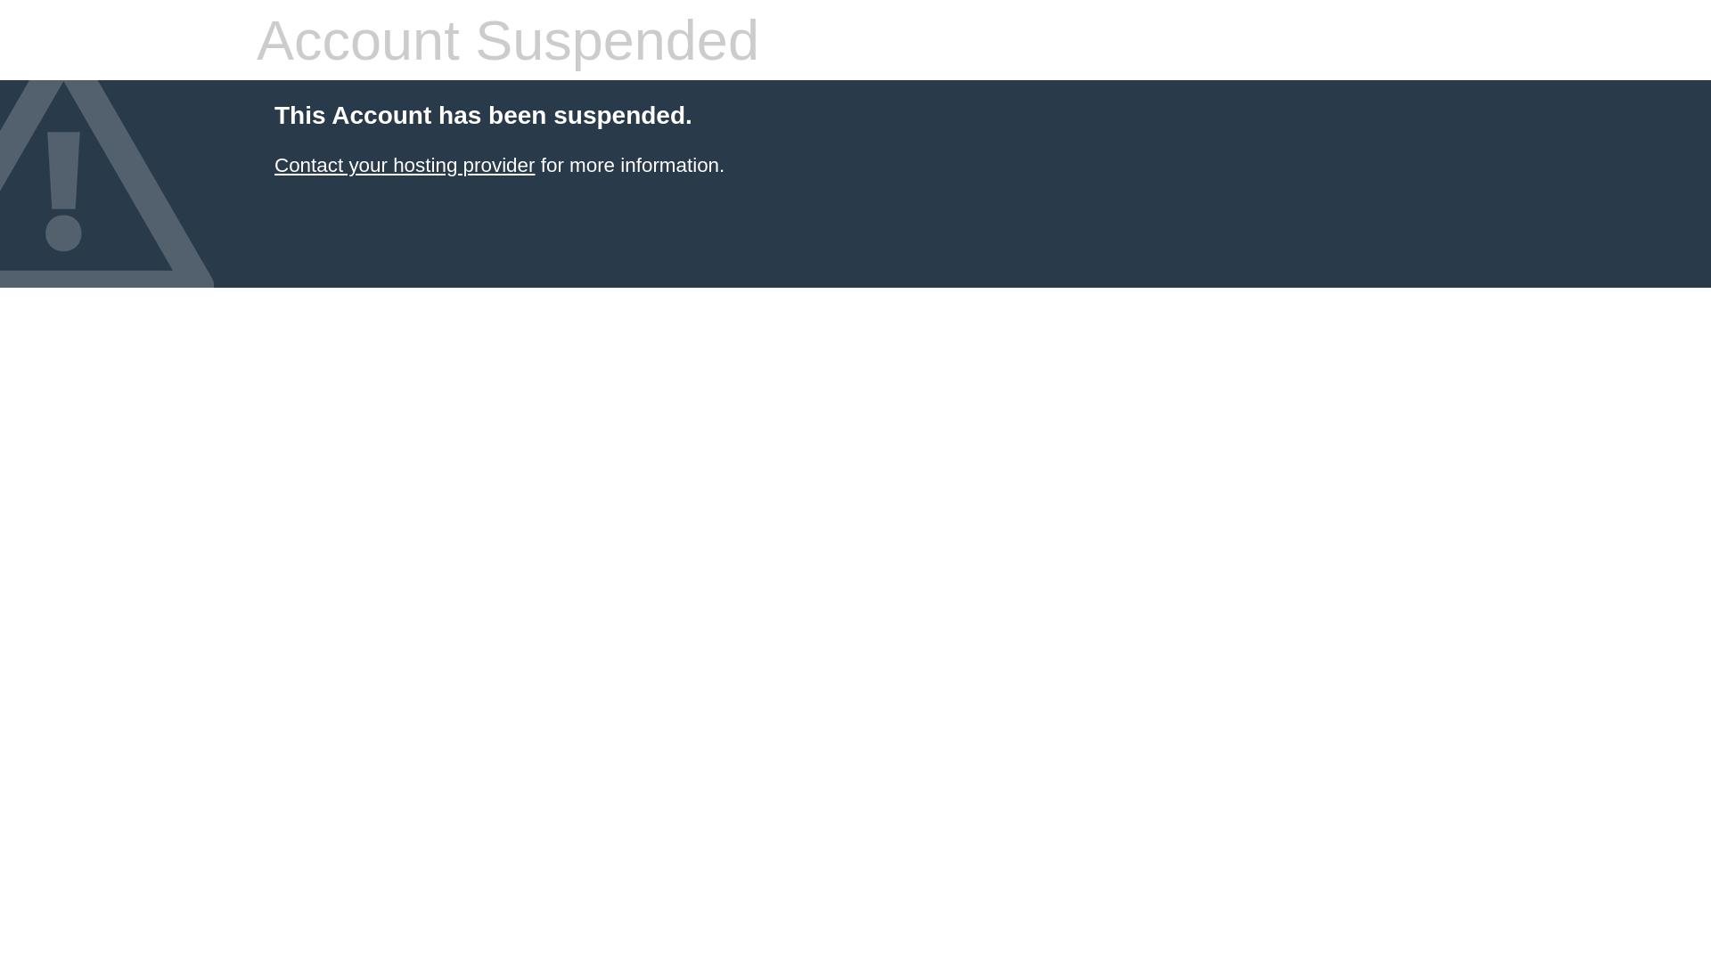 The image size is (1711, 962). Describe the element at coordinates (404, 165) in the screenshot. I see `'Contact your hosting provider'` at that location.